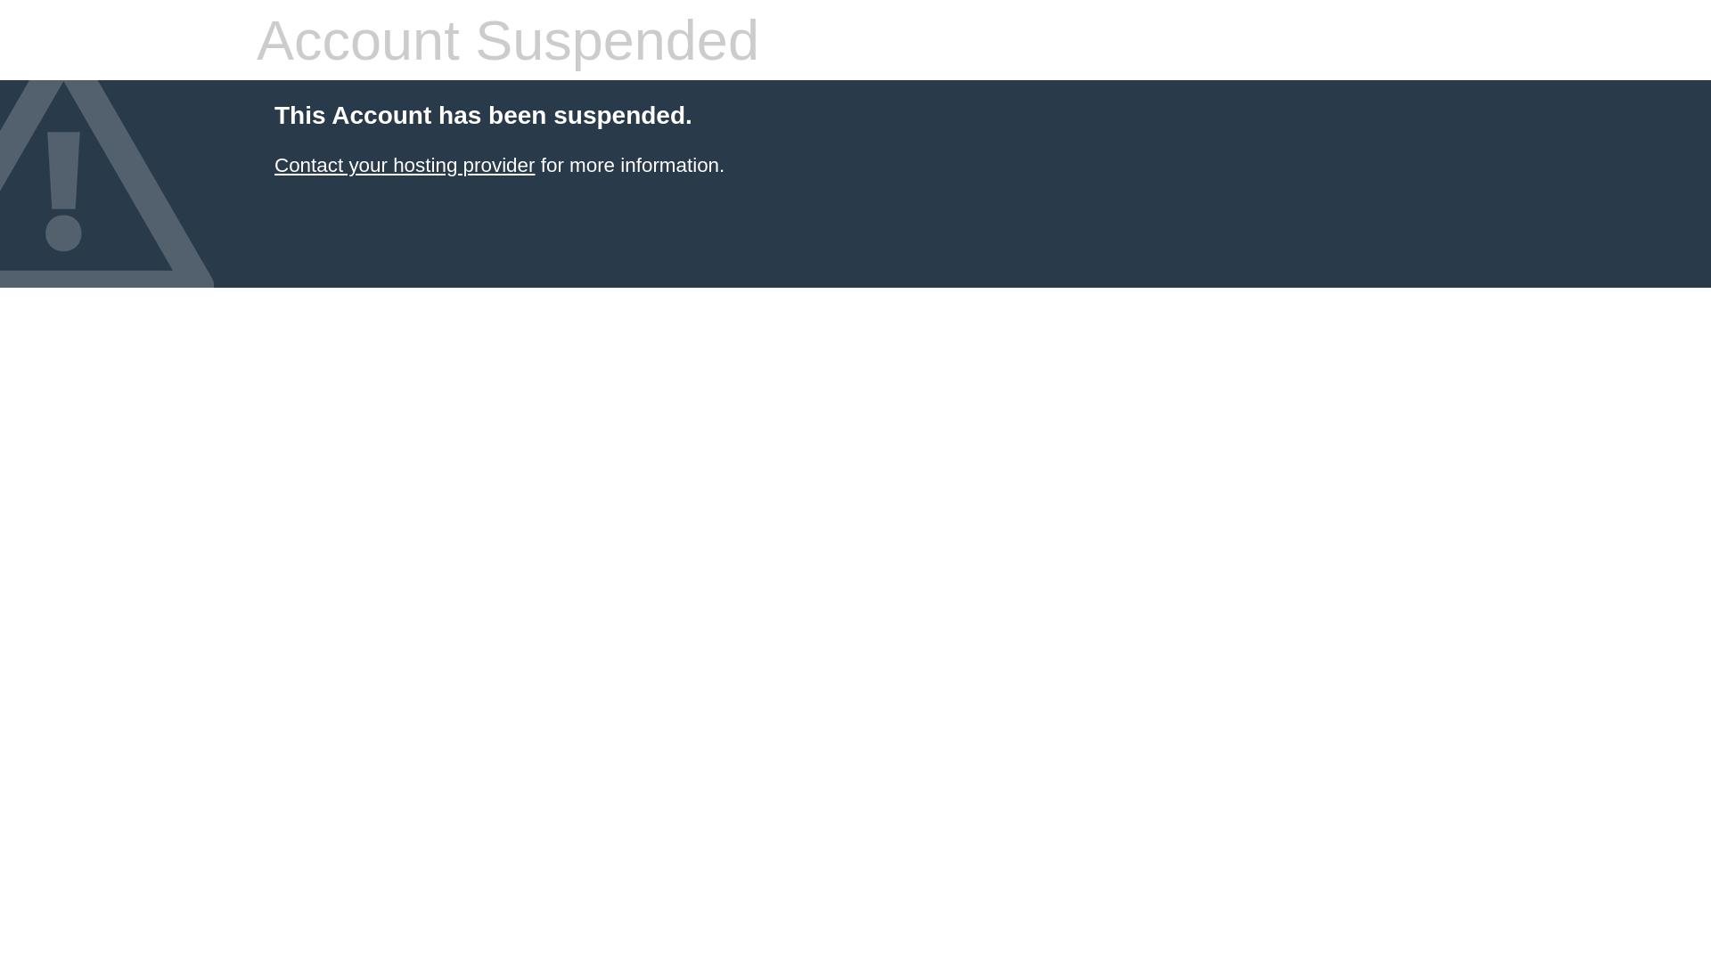 The image size is (1711, 962). Describe the element at coordinates (404, 165) in the screenshot. I see `'Contact your hosting provider'` at that location.